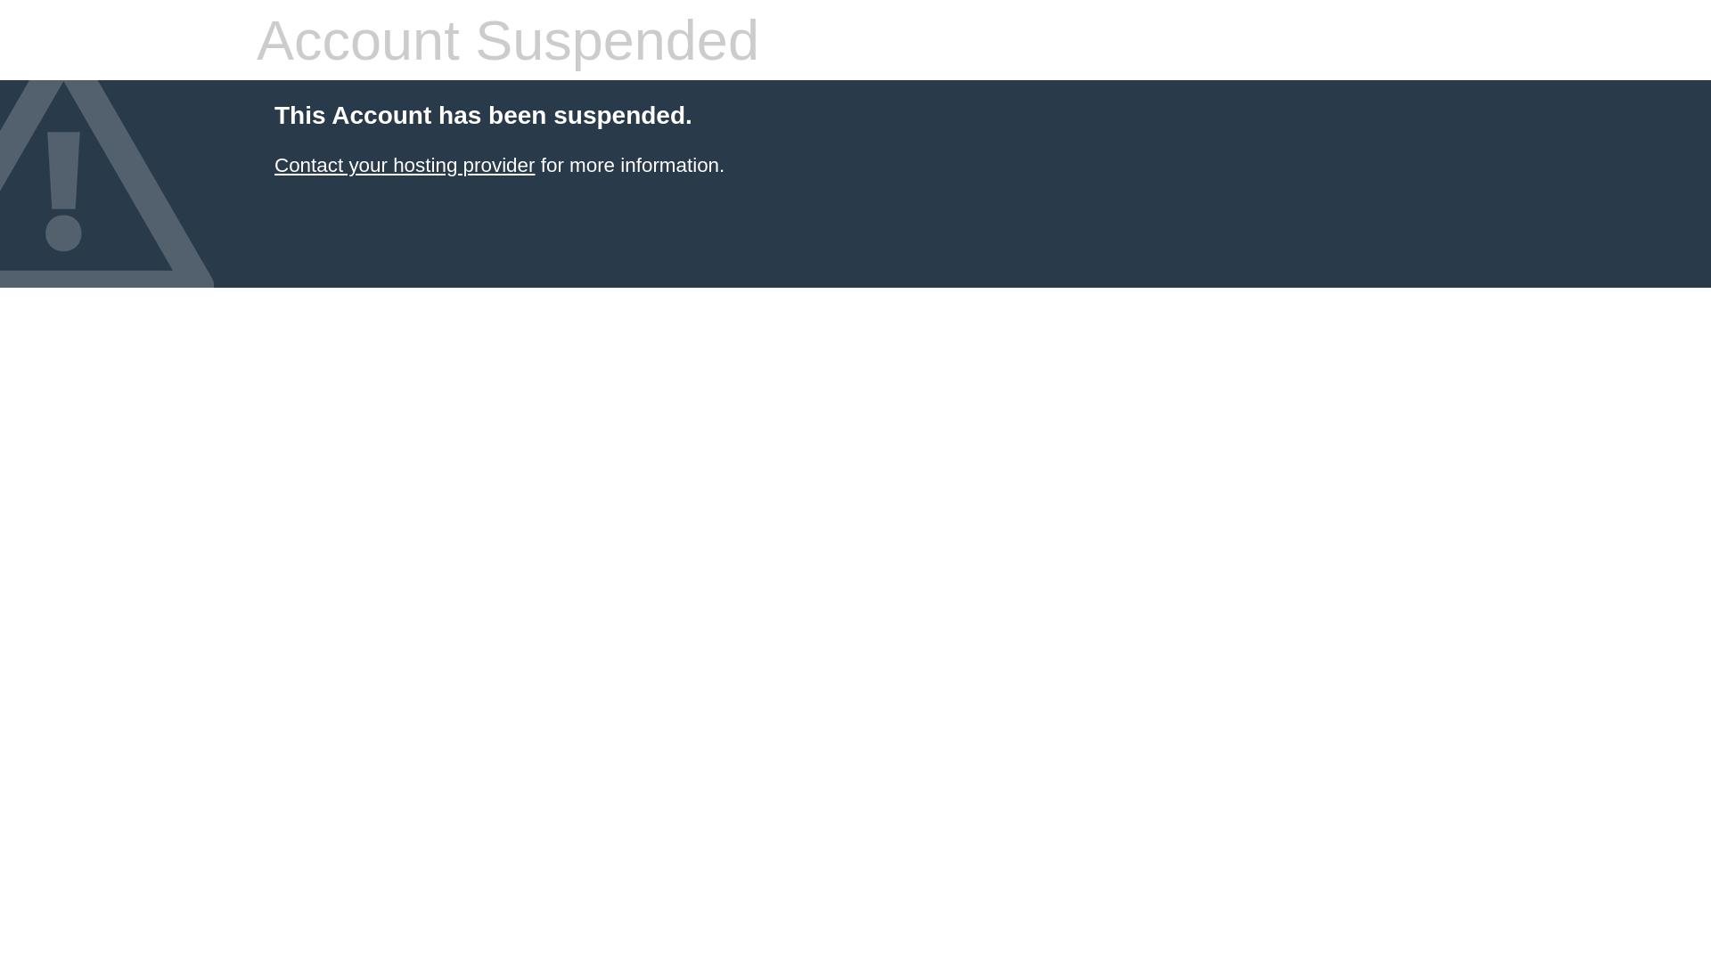 The image size is (1711, 962). Describe the element at coordinates (404, 165) in the screenshot. I see `'Contact your hosting provider'` at that location.